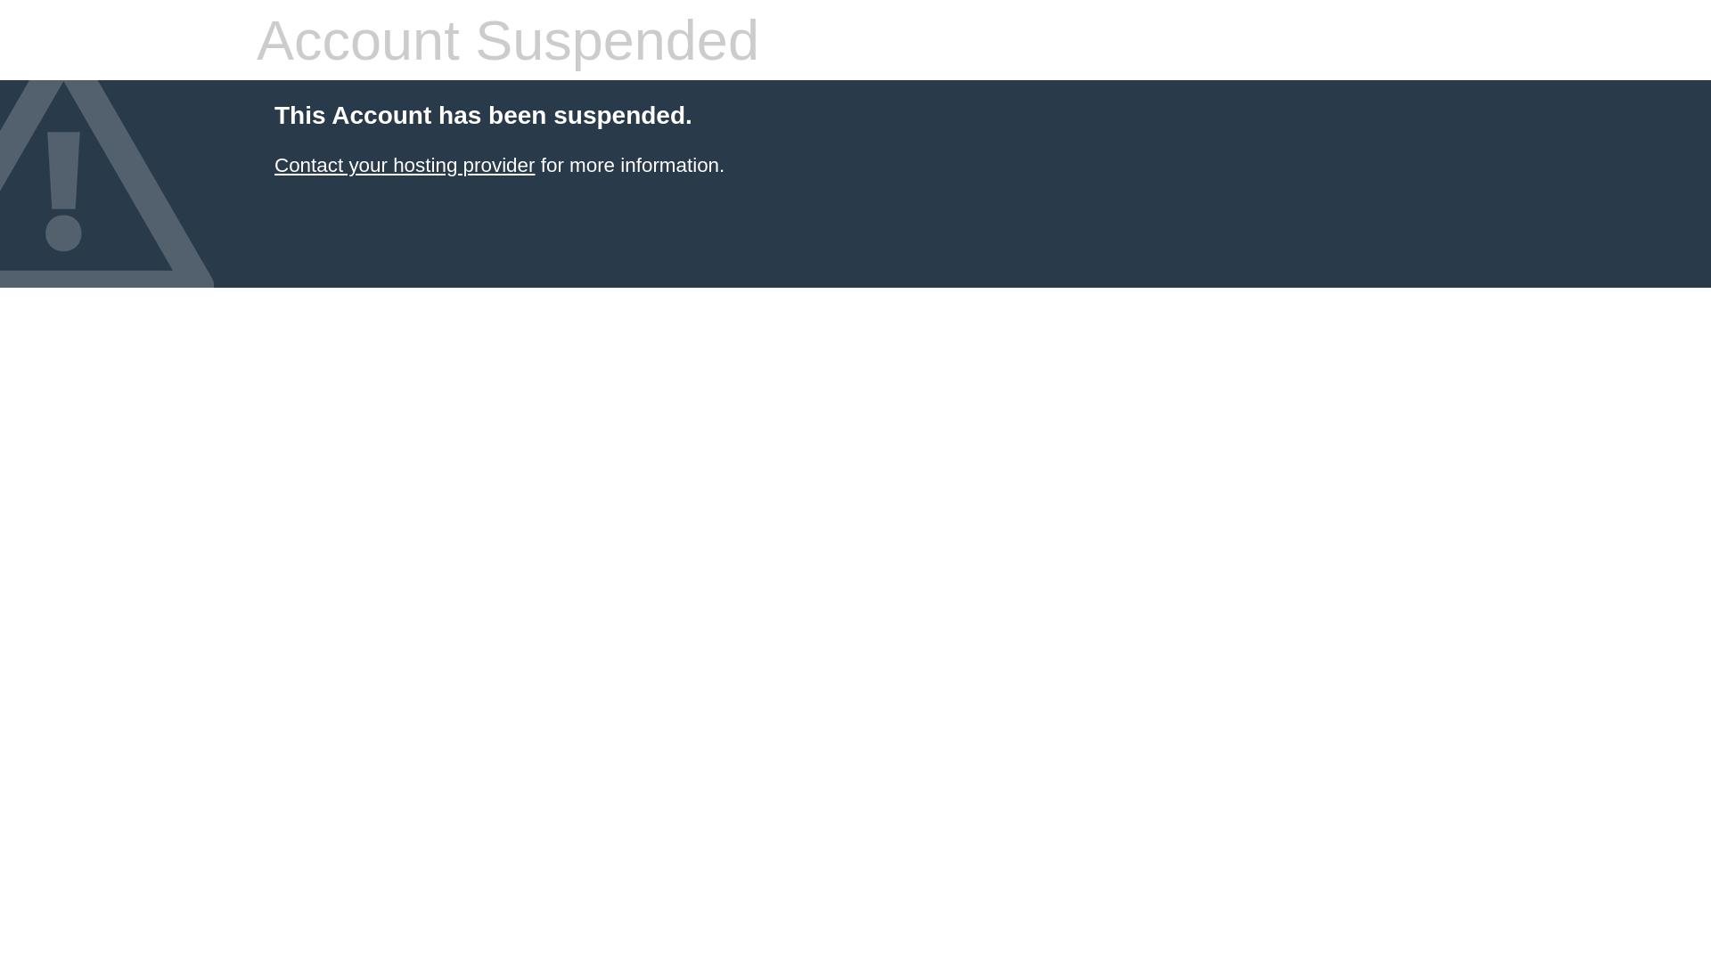 The image size is (1711, 962). Describe the element at coordinates (404, 165) in the screenshot. I see `'Contact your hosting provider'` at that location.